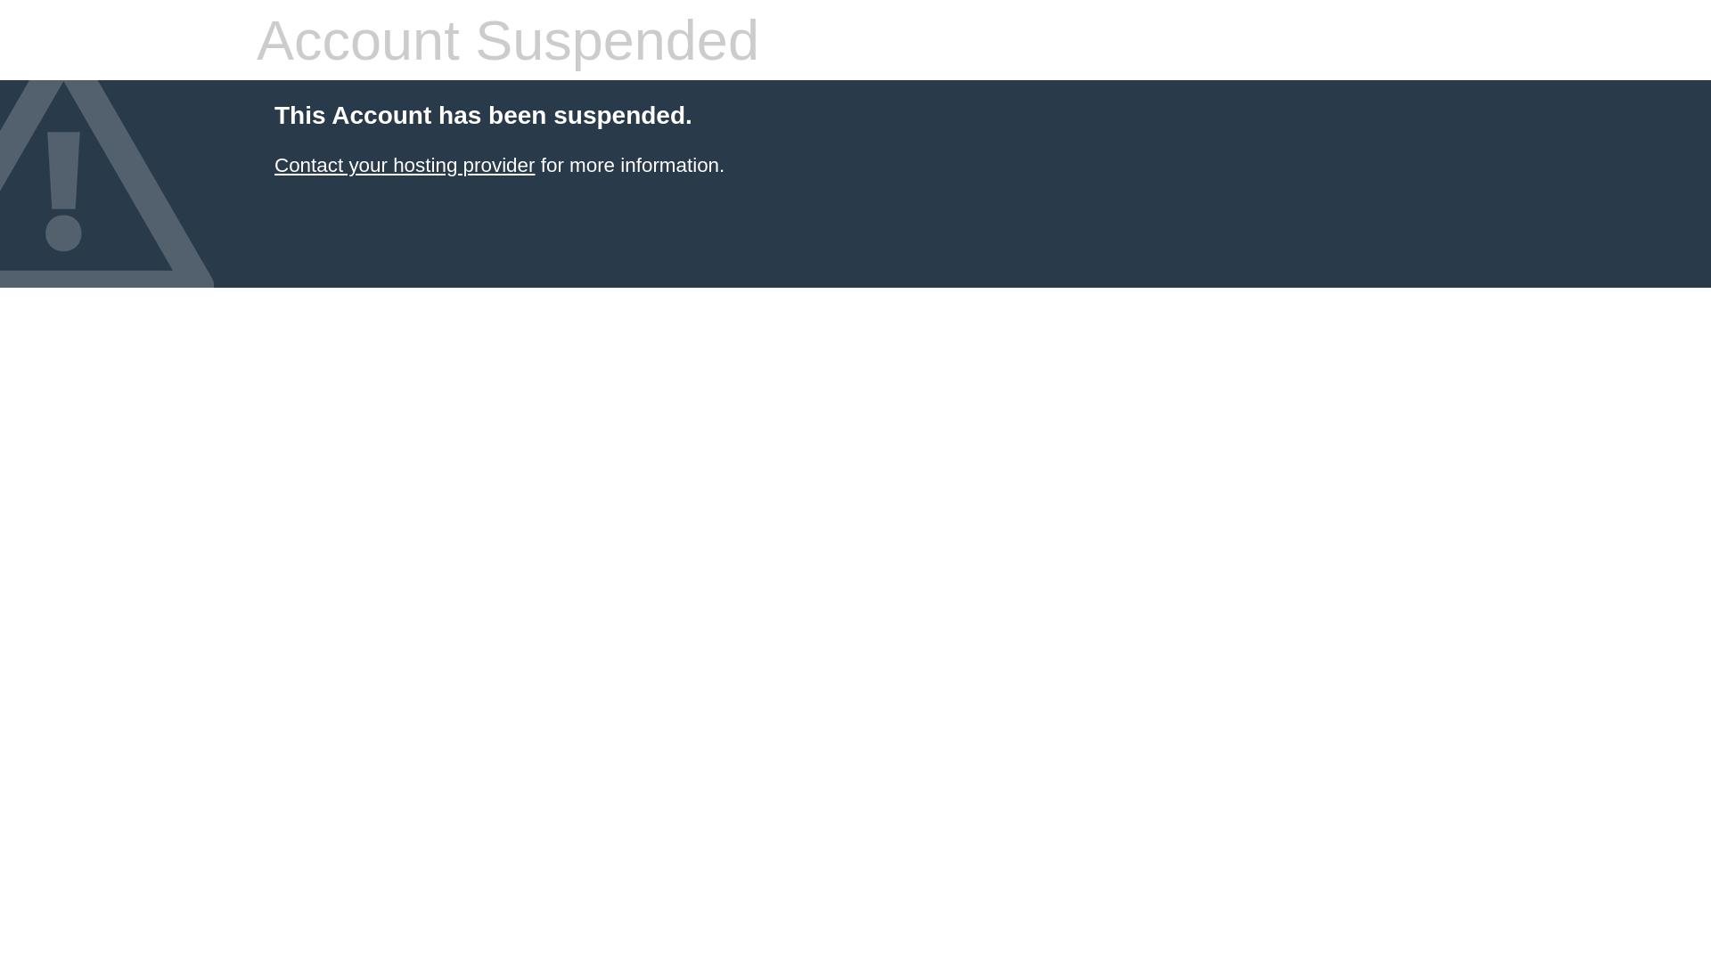 The image size is (1711, 962). Describe the element at coordinates (404, 165) in the screenshot. I see `'Contact your hosting provider'` at that location.